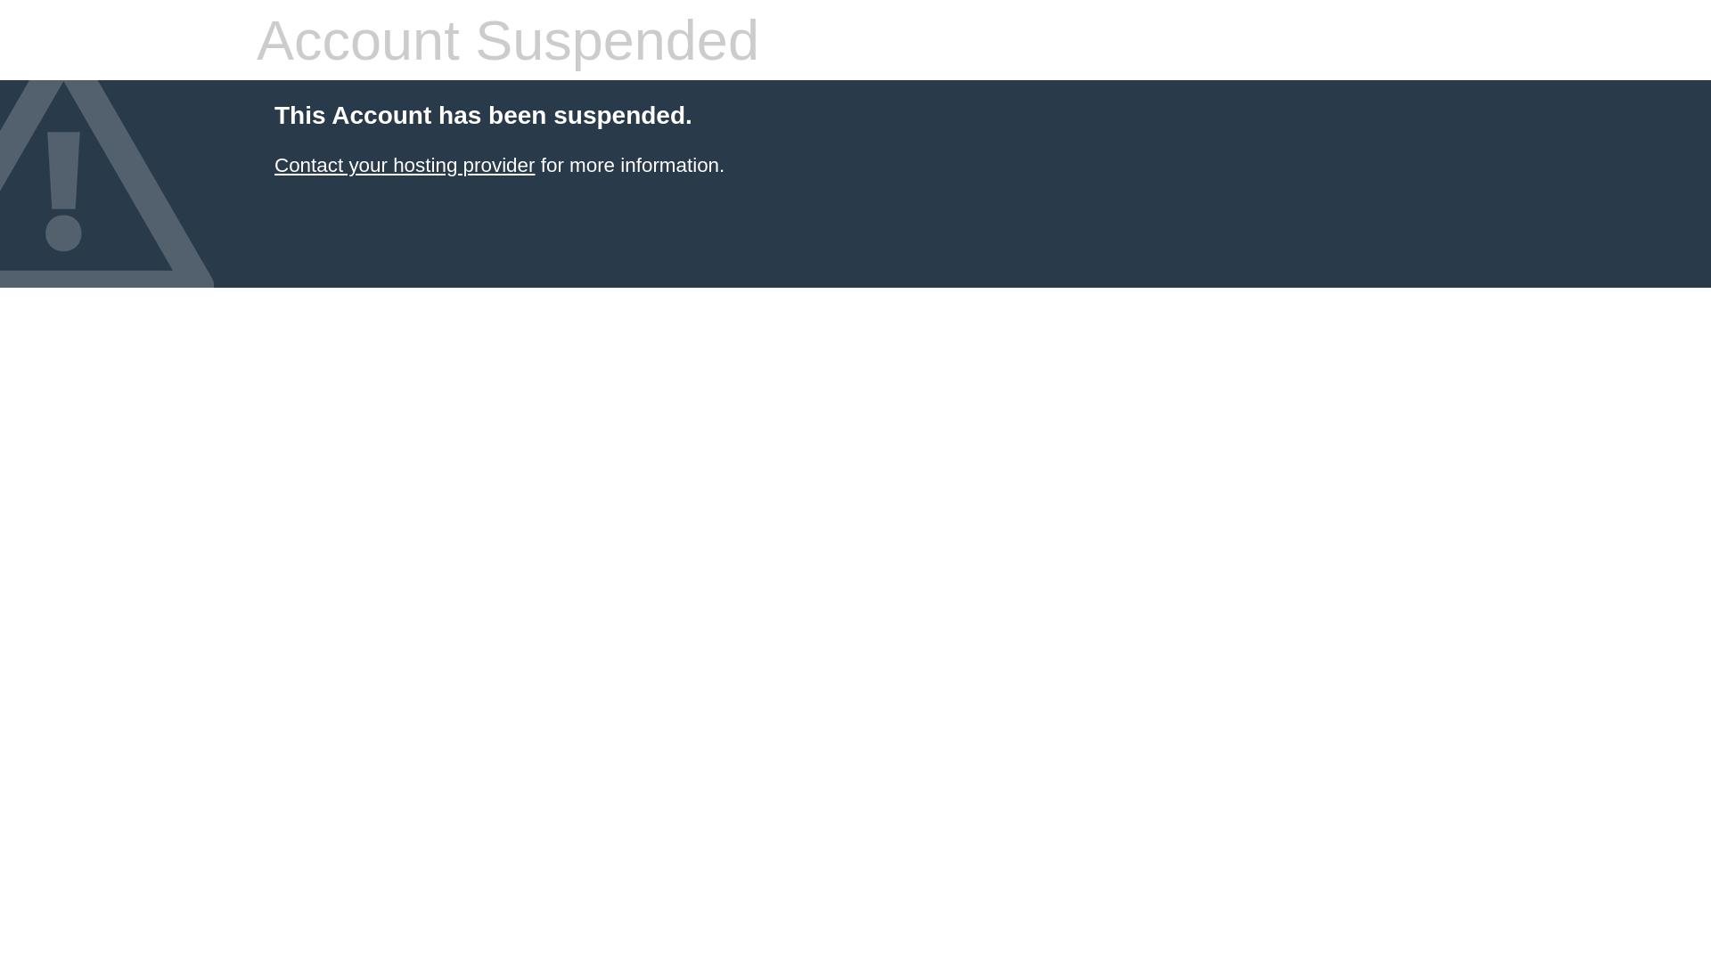 The image size is (1711, 962). Describe the element at coordinates (404, 165) in the screenshot. I see `'Contact your hosting provider'` at that location.